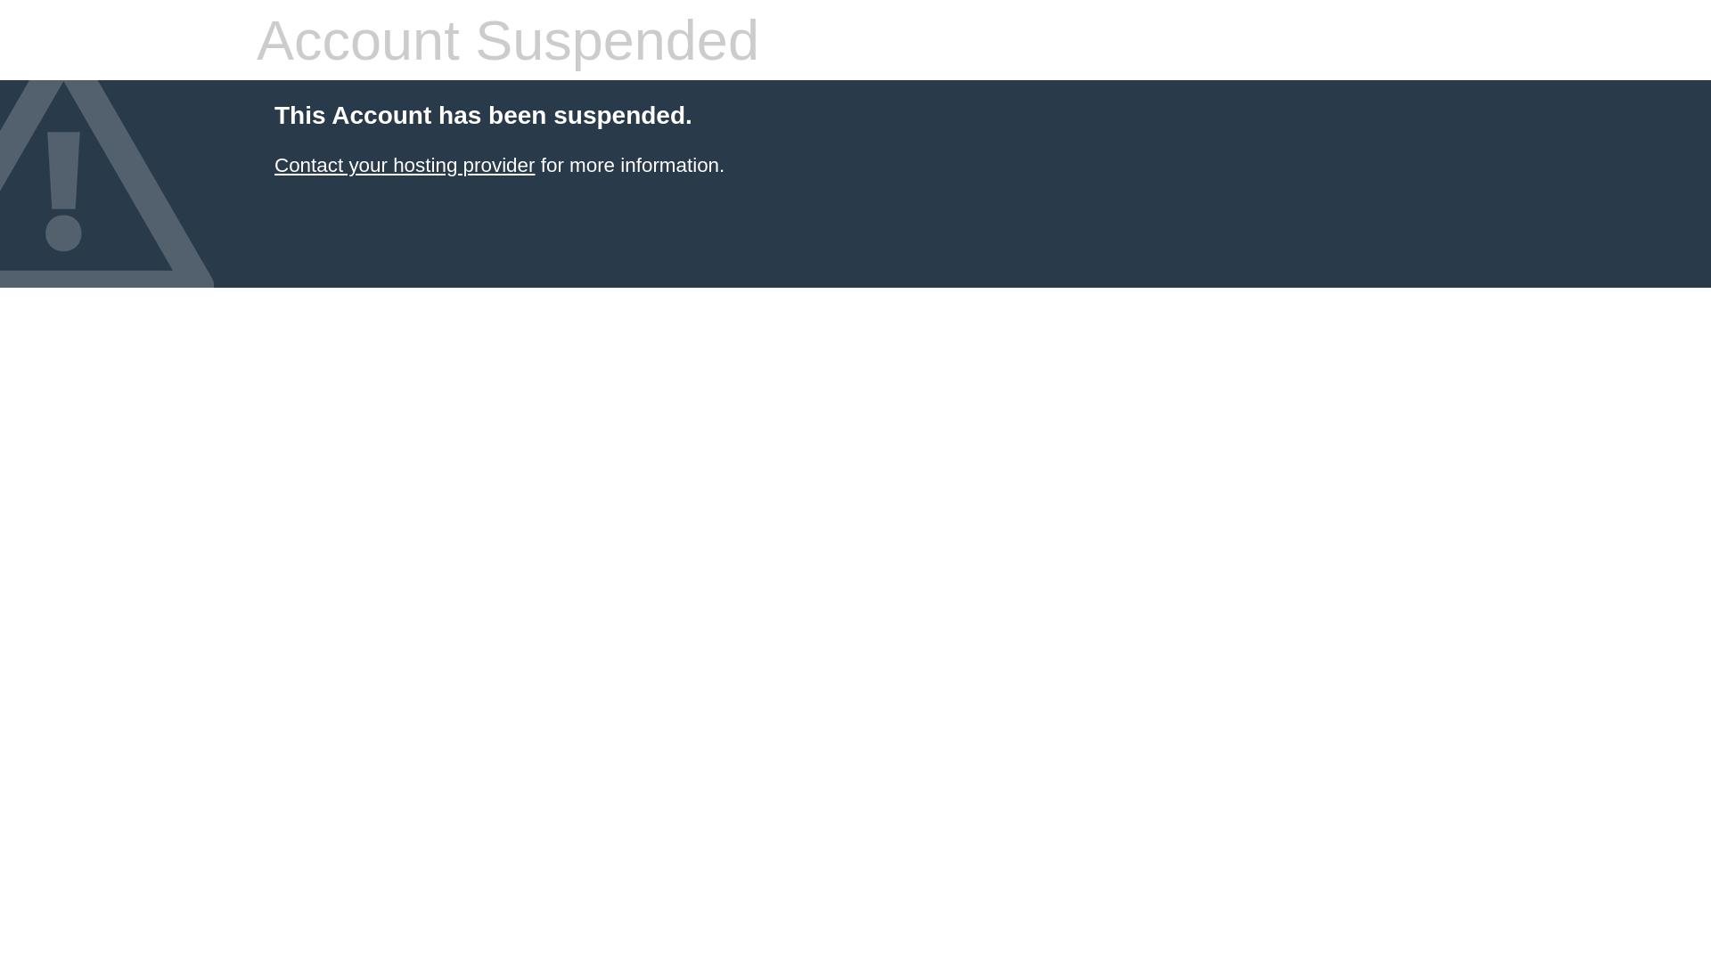 The image size is (1711, 962). Describe the element at coordinates (404, 165) in the screenshot. I see `'Contact your hosting provider'` at that location.